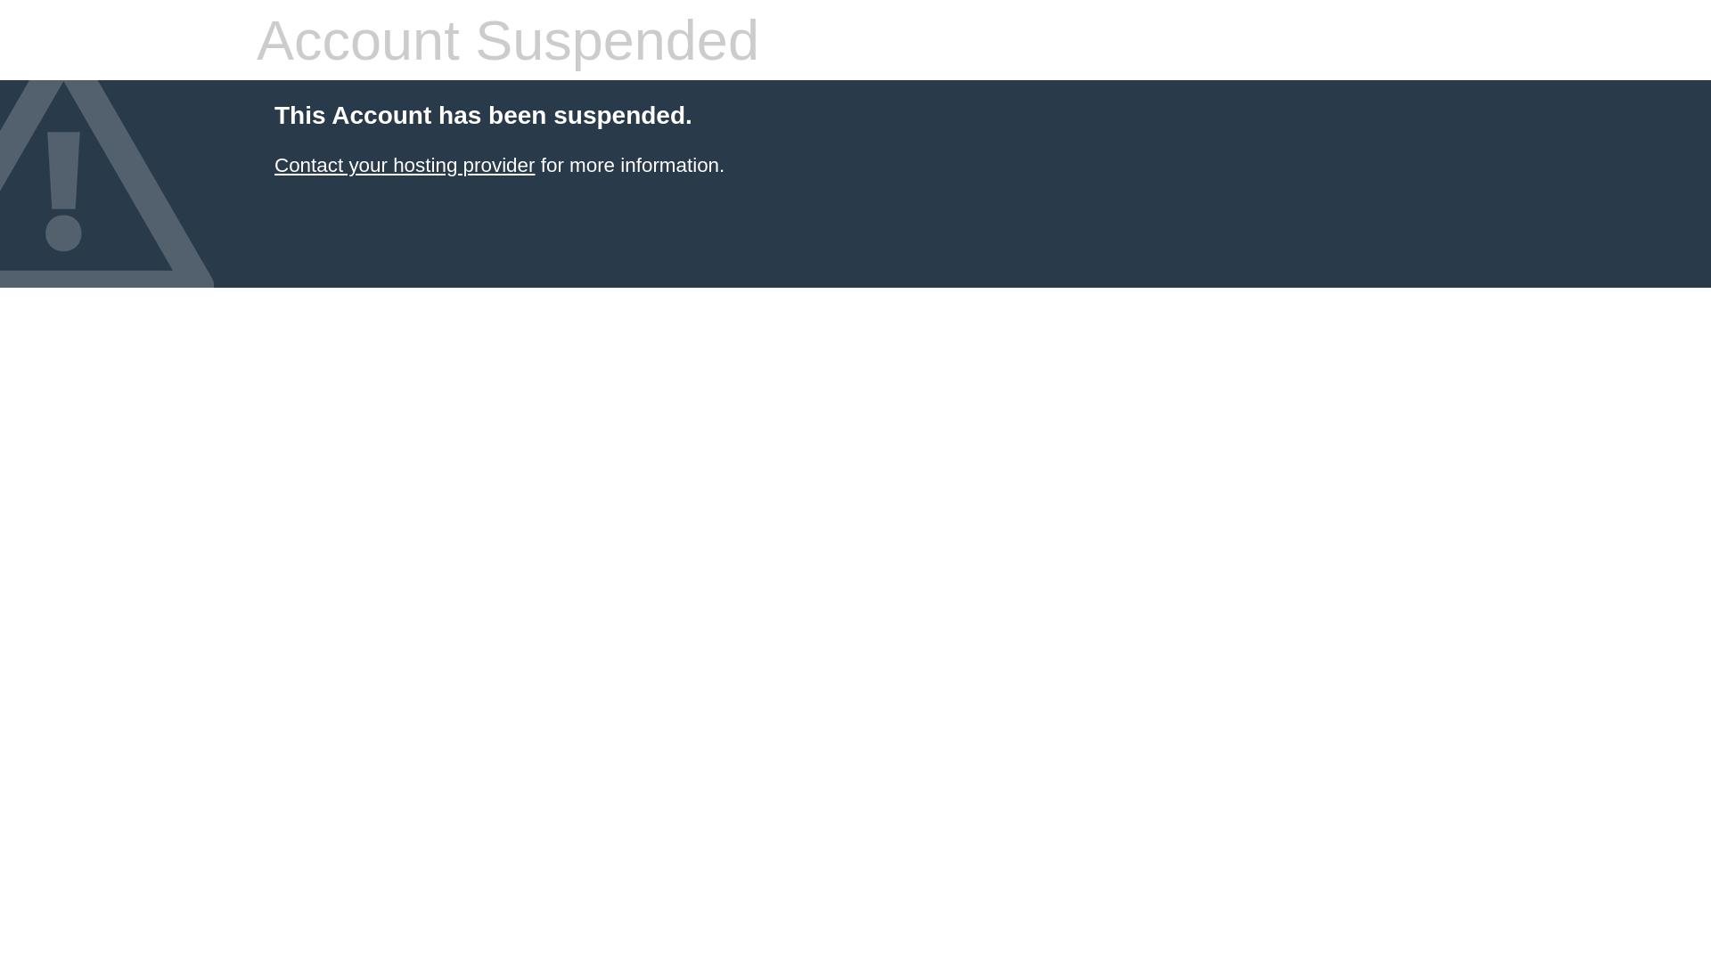 The image size is (1711, 962). Describe the element at coordinates (404, 165) in the screenshot. I see `'Contact your hosting provider'` at that location.